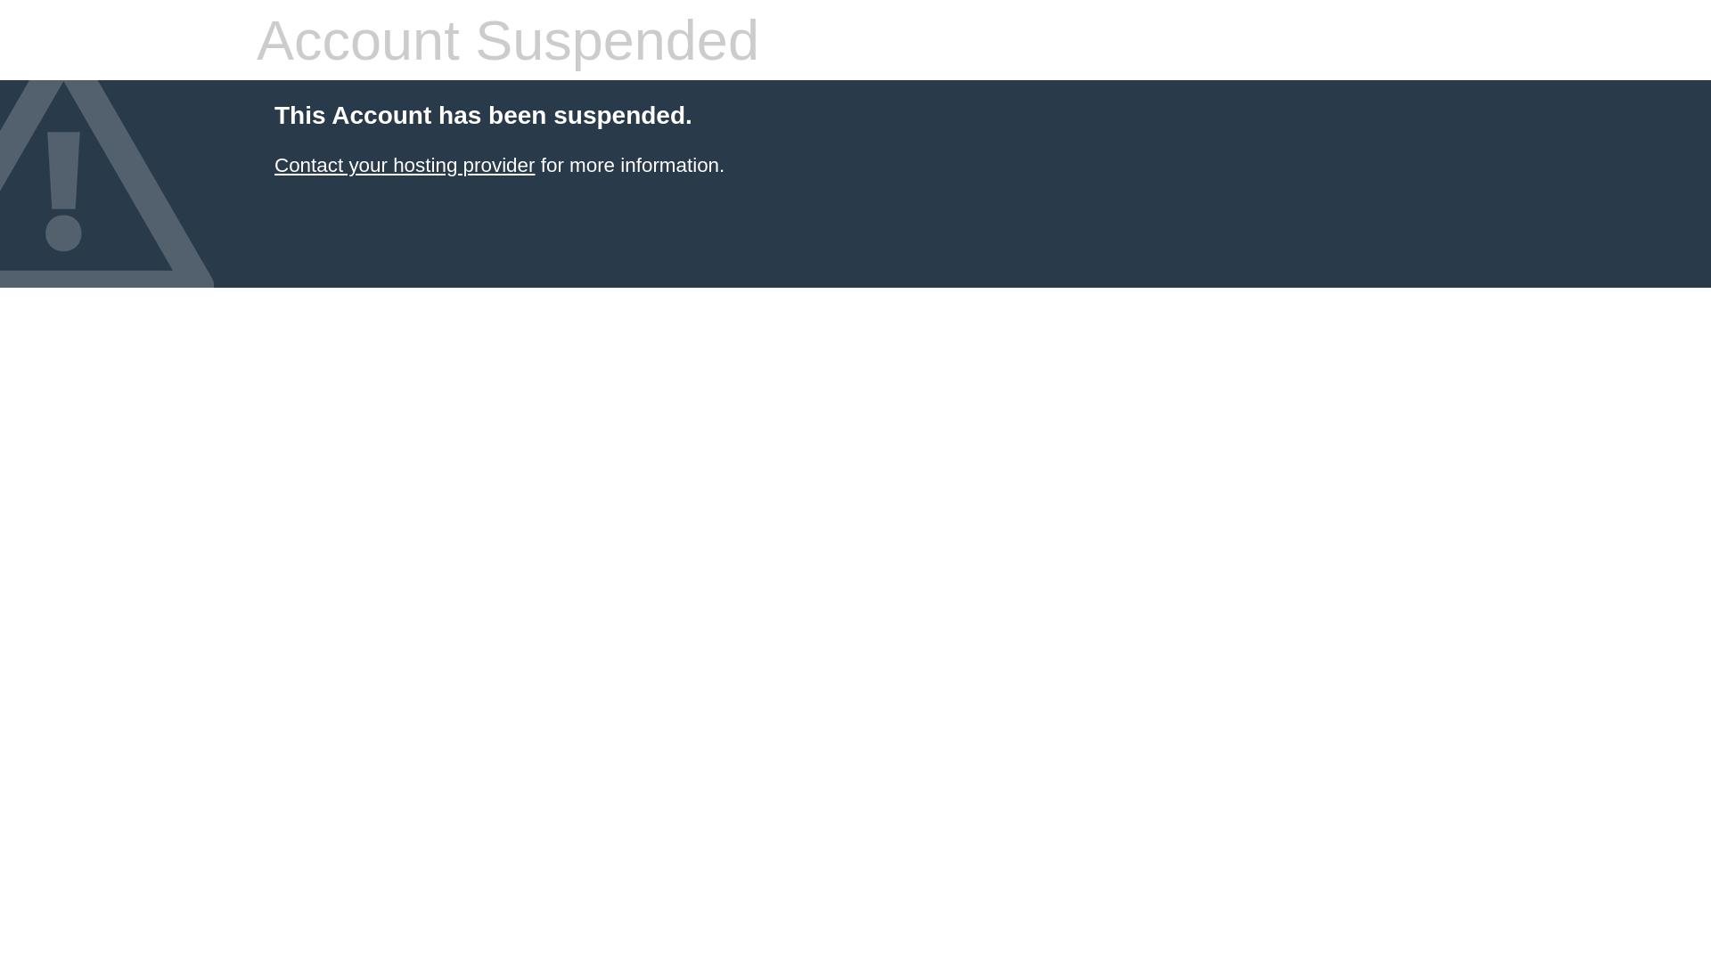 The image size is (1711, 962). Describe the element at coordinates (404, 165) in the screenshot. I see `'Contact your hosting provider'` at that location.